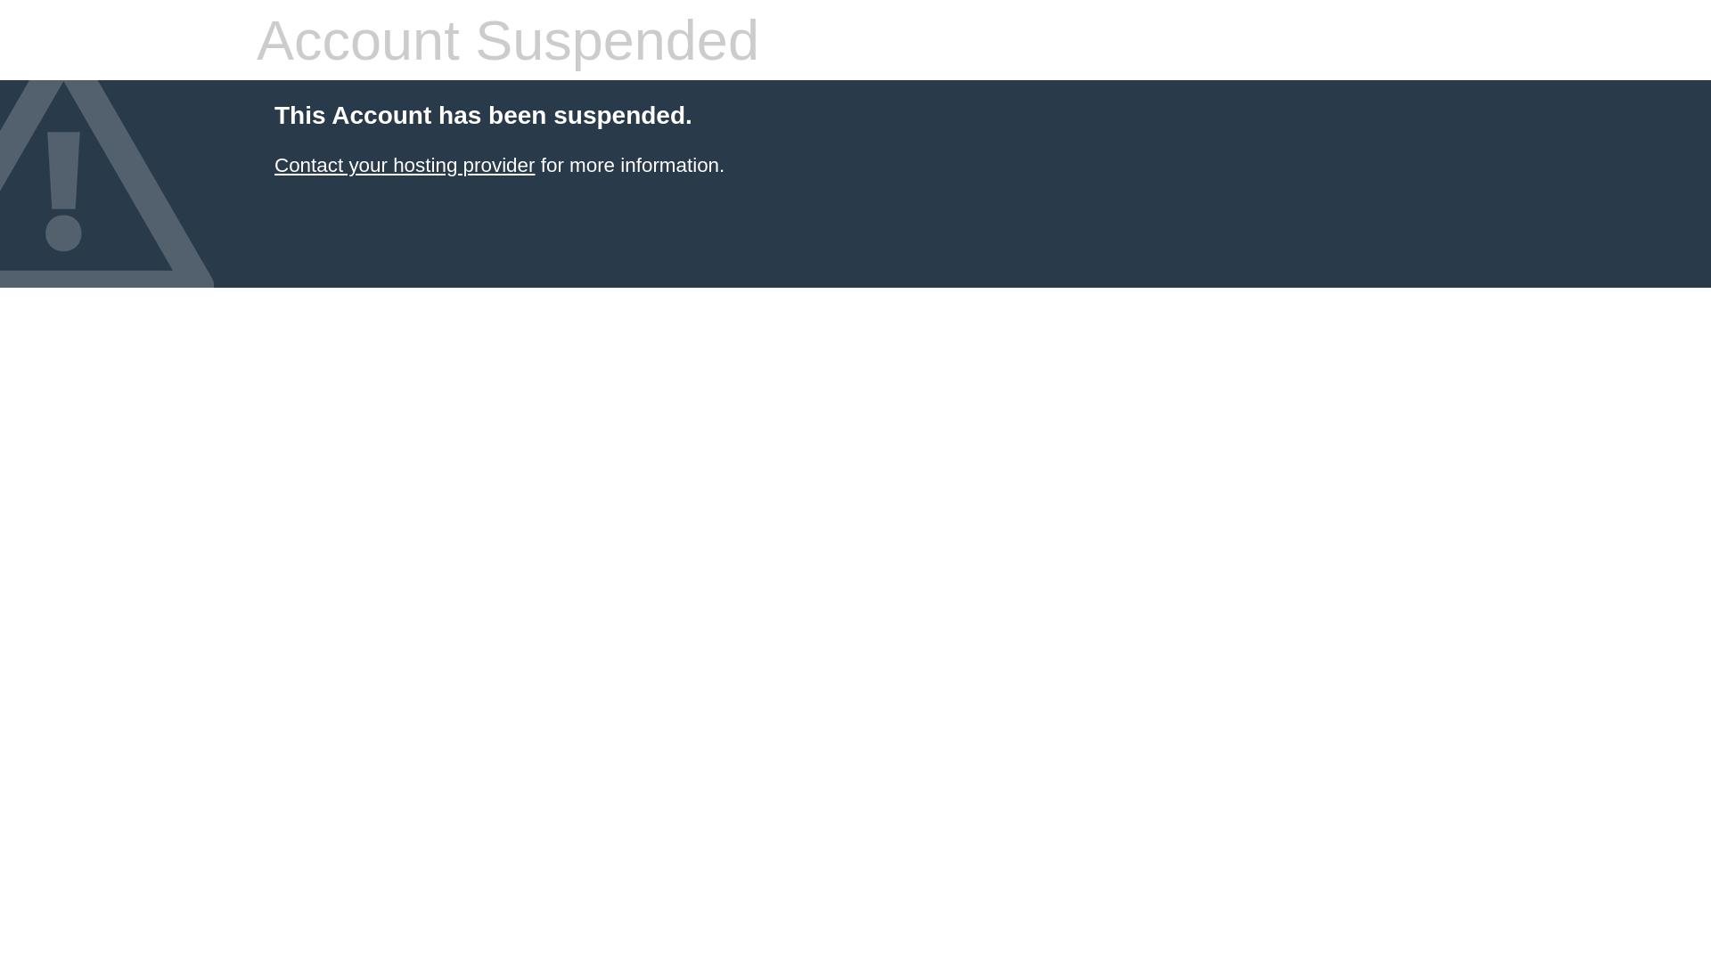 The image size is (1711, 962). Describe the element at coordinates (404, 165) in the screenshot. I see `'Contact your hosting provider'` at that location.